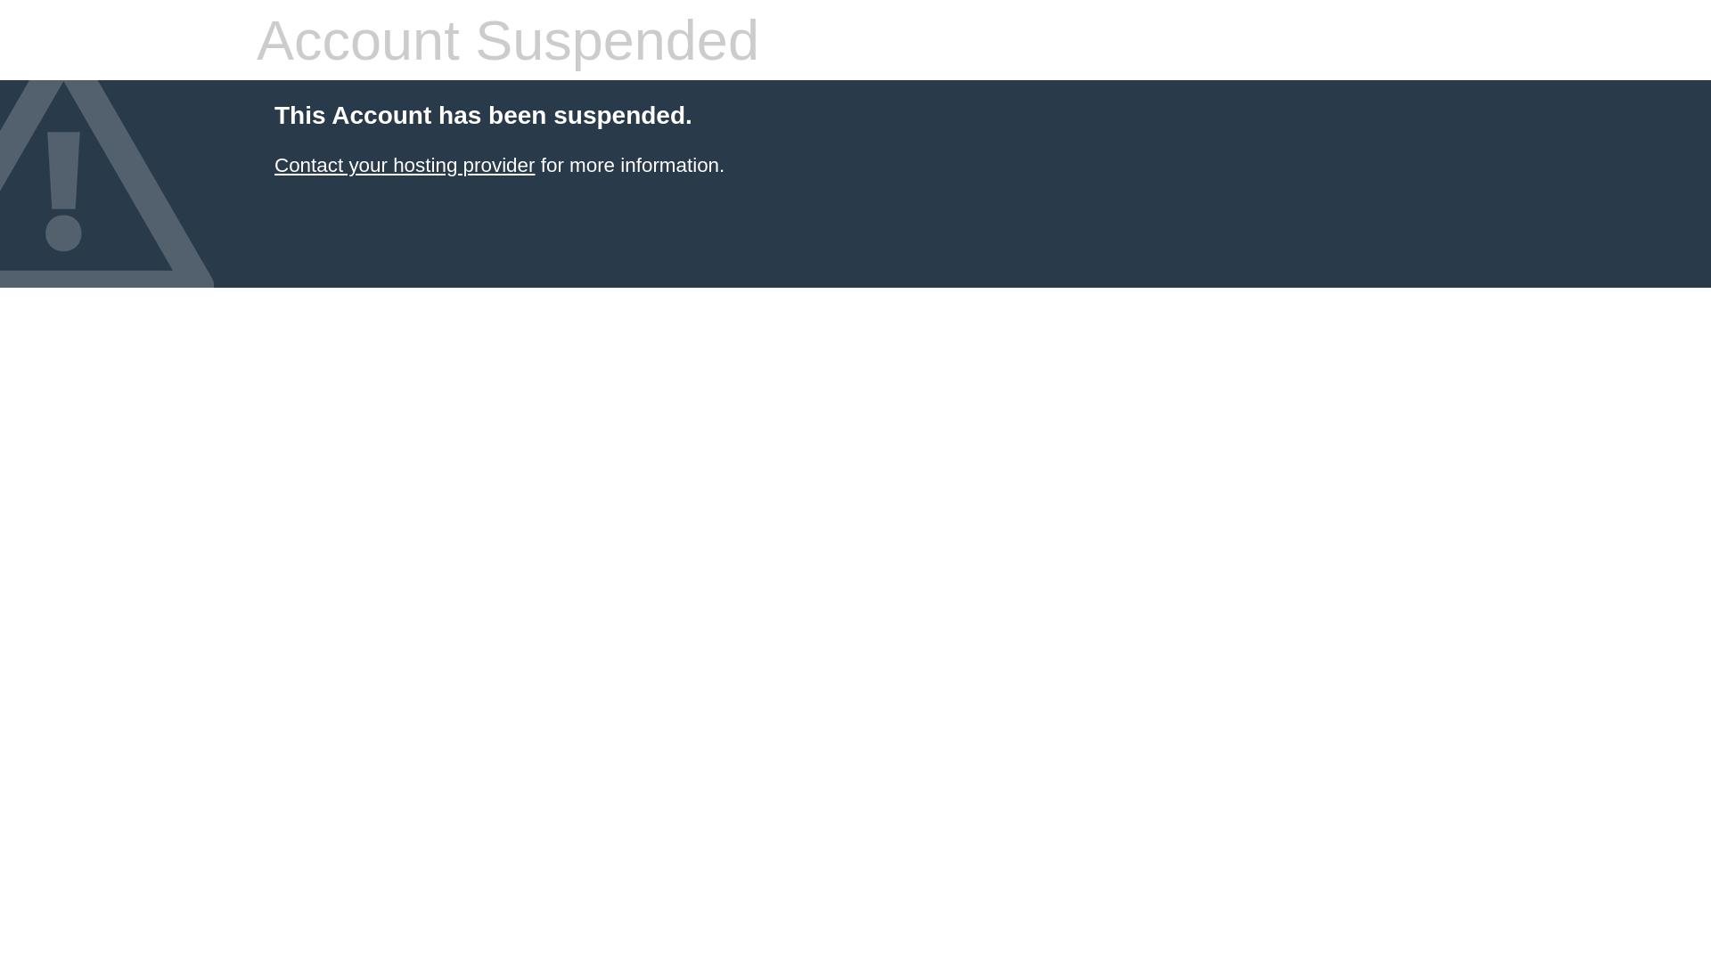 The image size is (1711, 962). Describe the element at coordinates (404, 165) in the screenshot. I see `'Contact your hosting provider'` at that location.